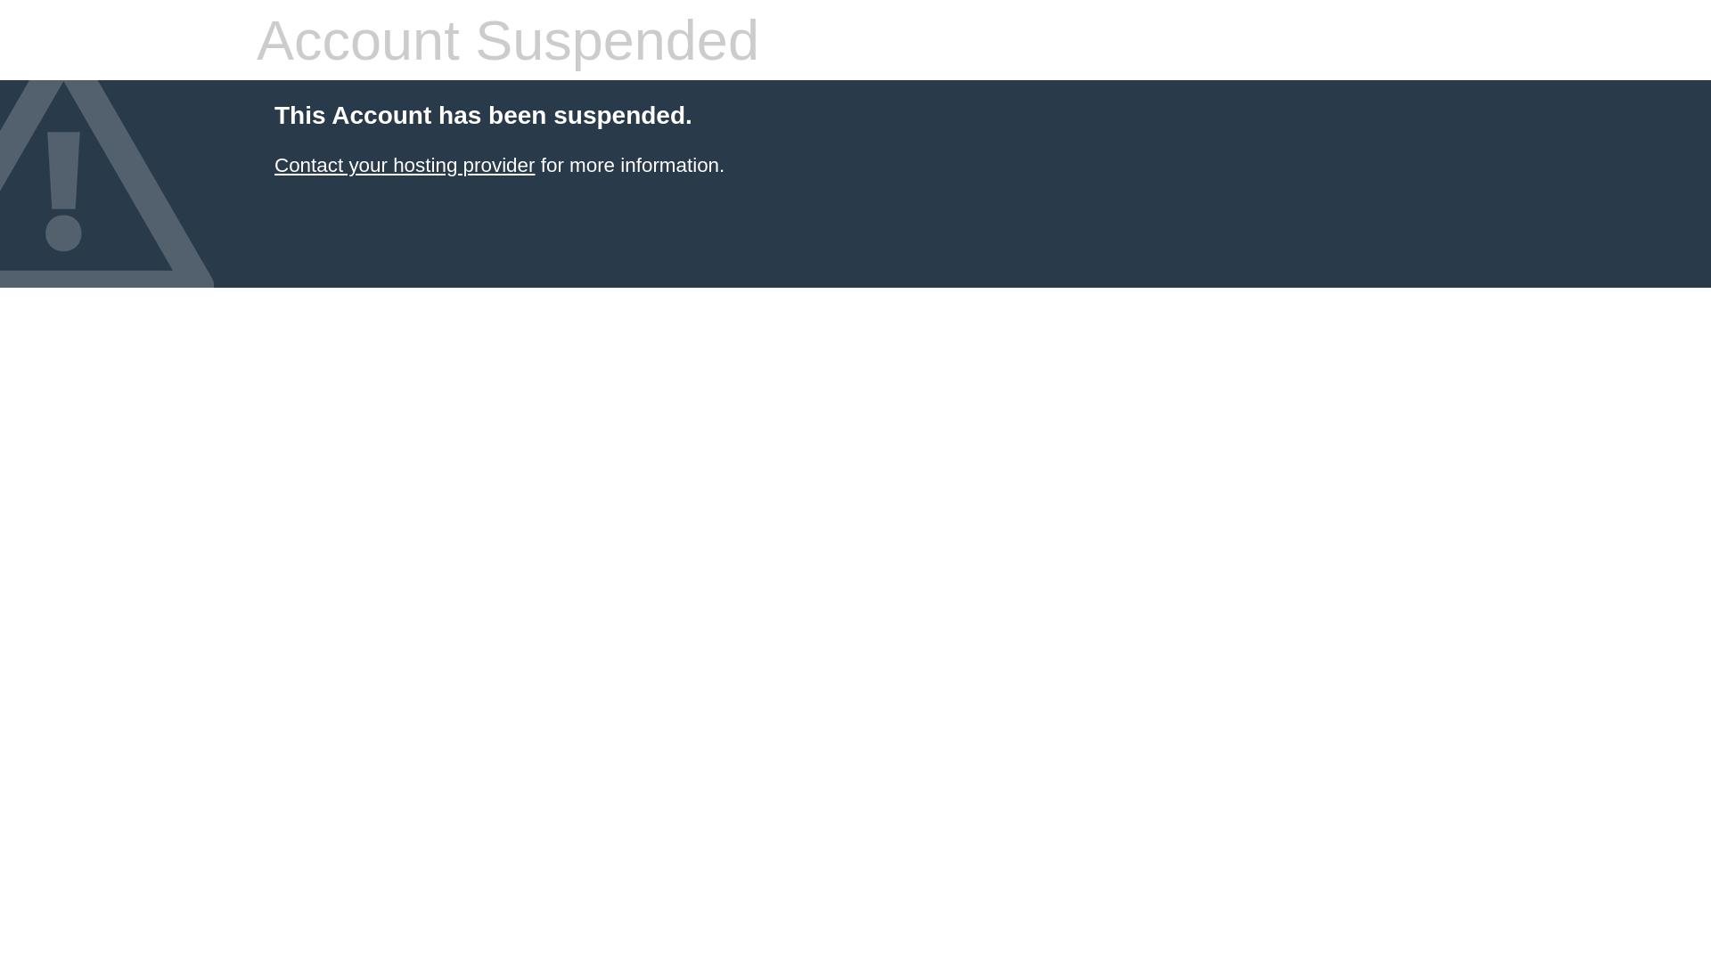 The image size is (1711, 962). Describe the element at coordinates (404, 165) in the screenshot. I see `'Contact your hosting provider'` at that location.